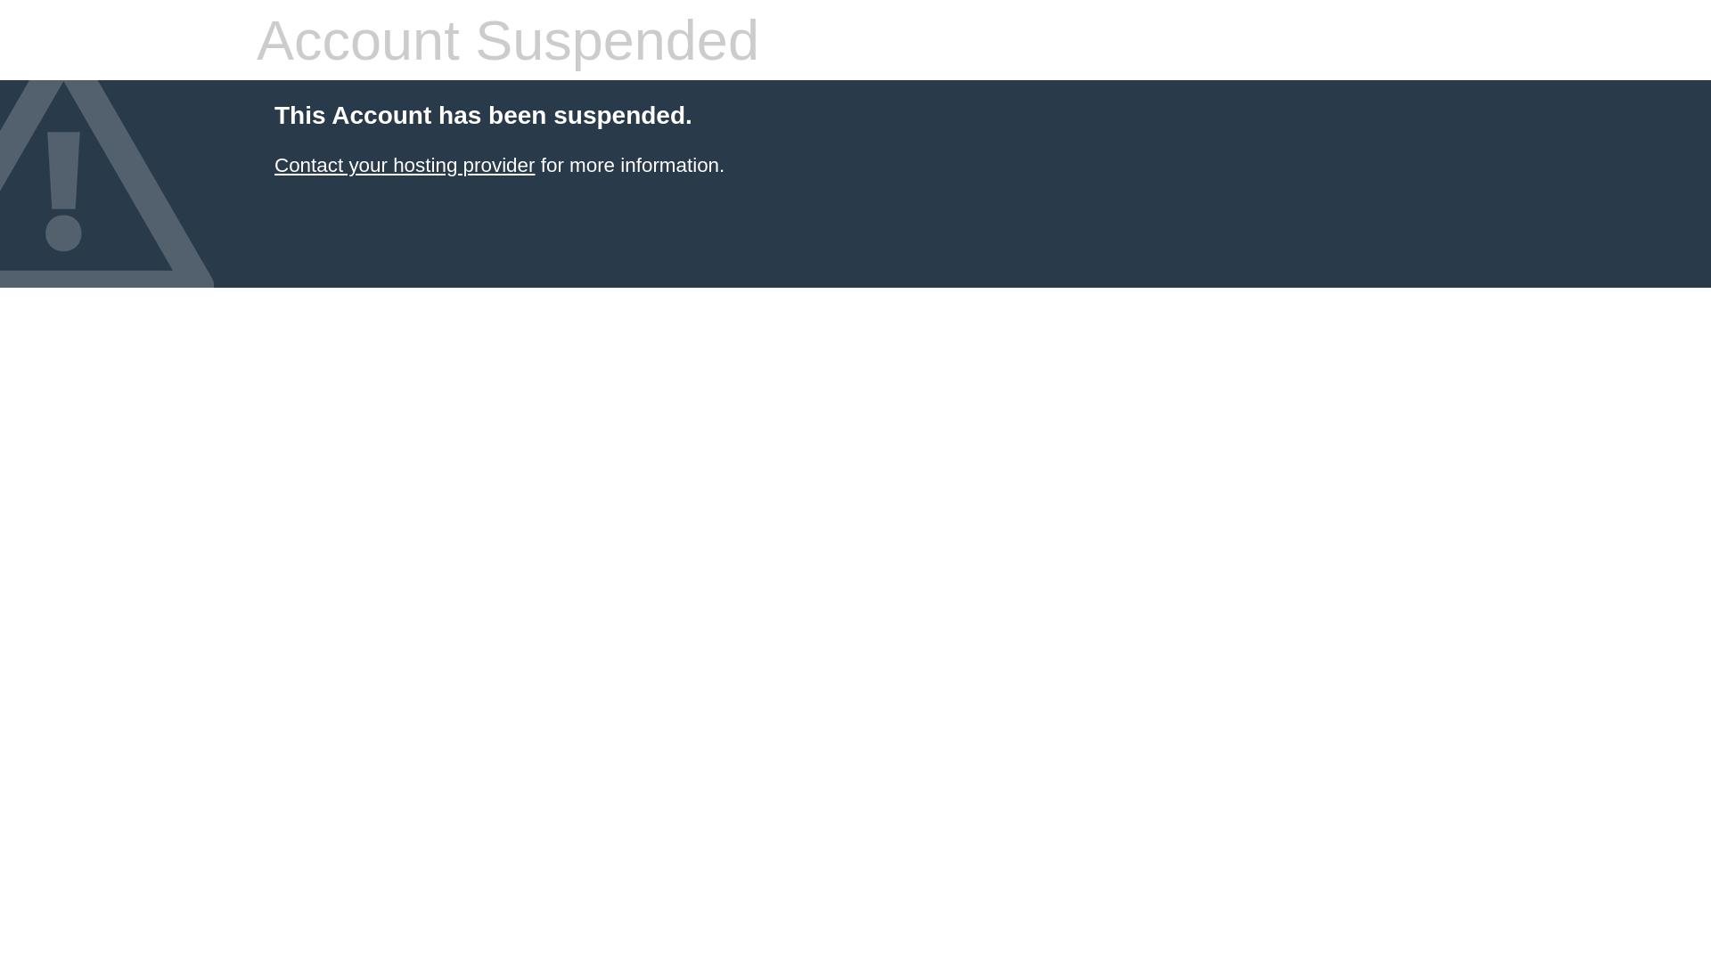 The image size is (1711, 962). Describe the element at coordinates (404, 165) in the screenshot. I see `'Contact your hosting provider'` at that location.